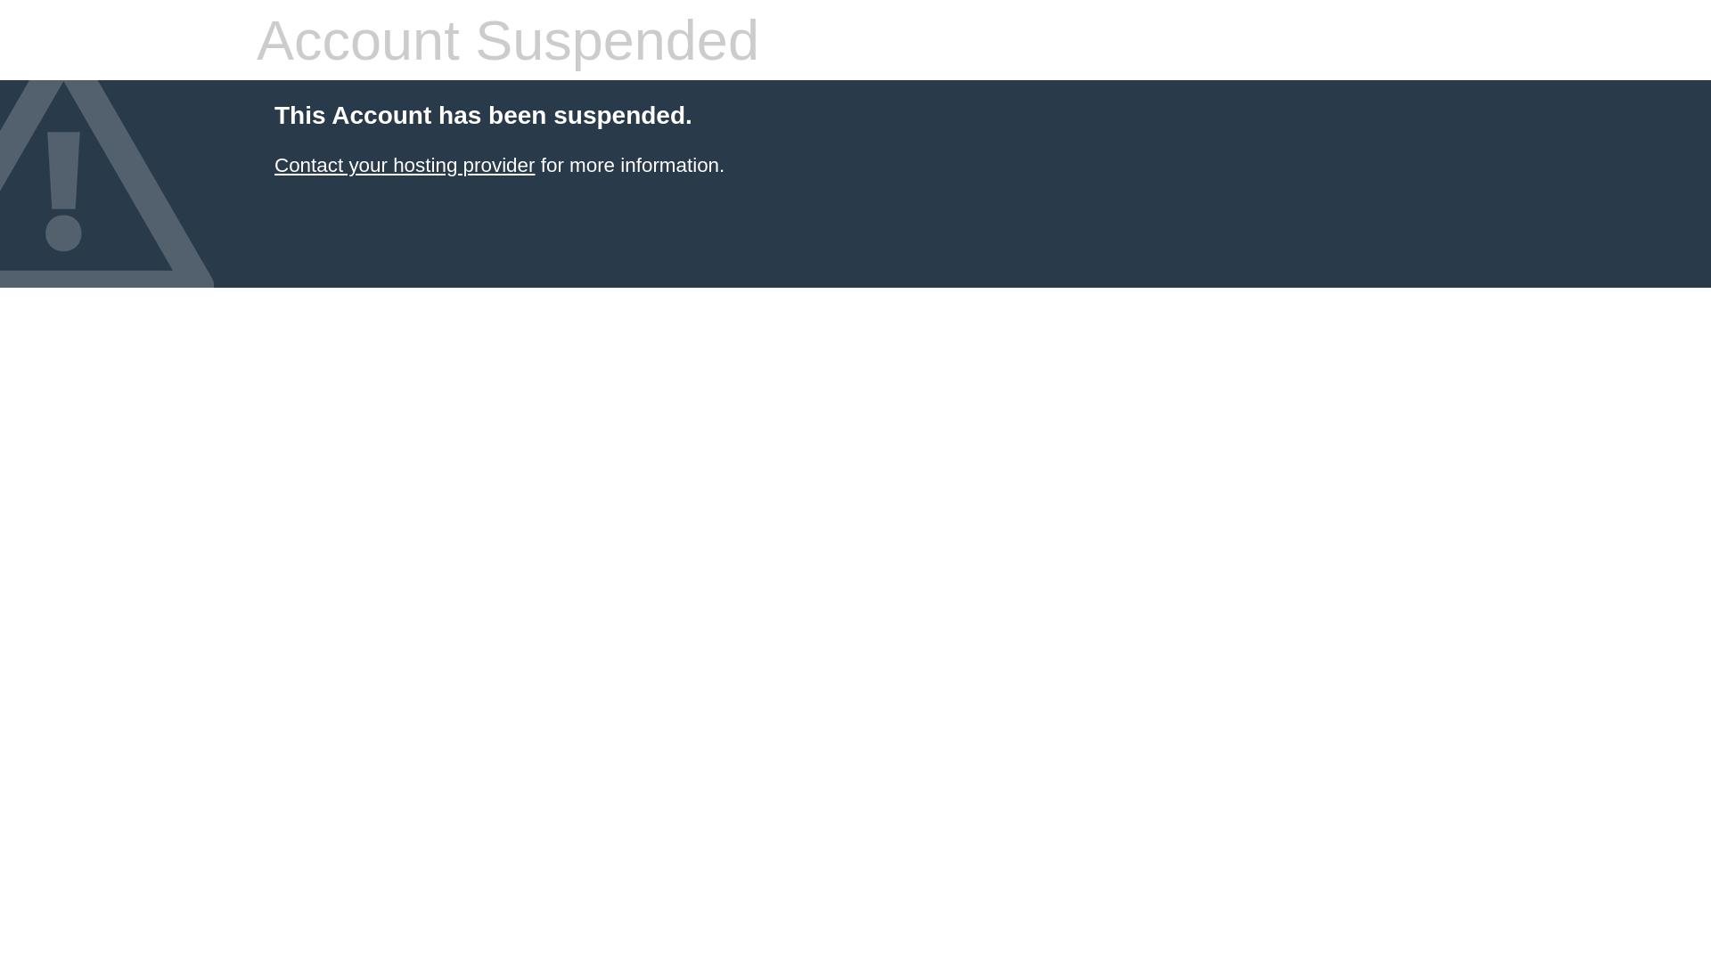 The image size is (1711, 962). Describe the element at coordinates (404, 165) in the screenshot. I see `'Contact your hosting provider'` at that location.